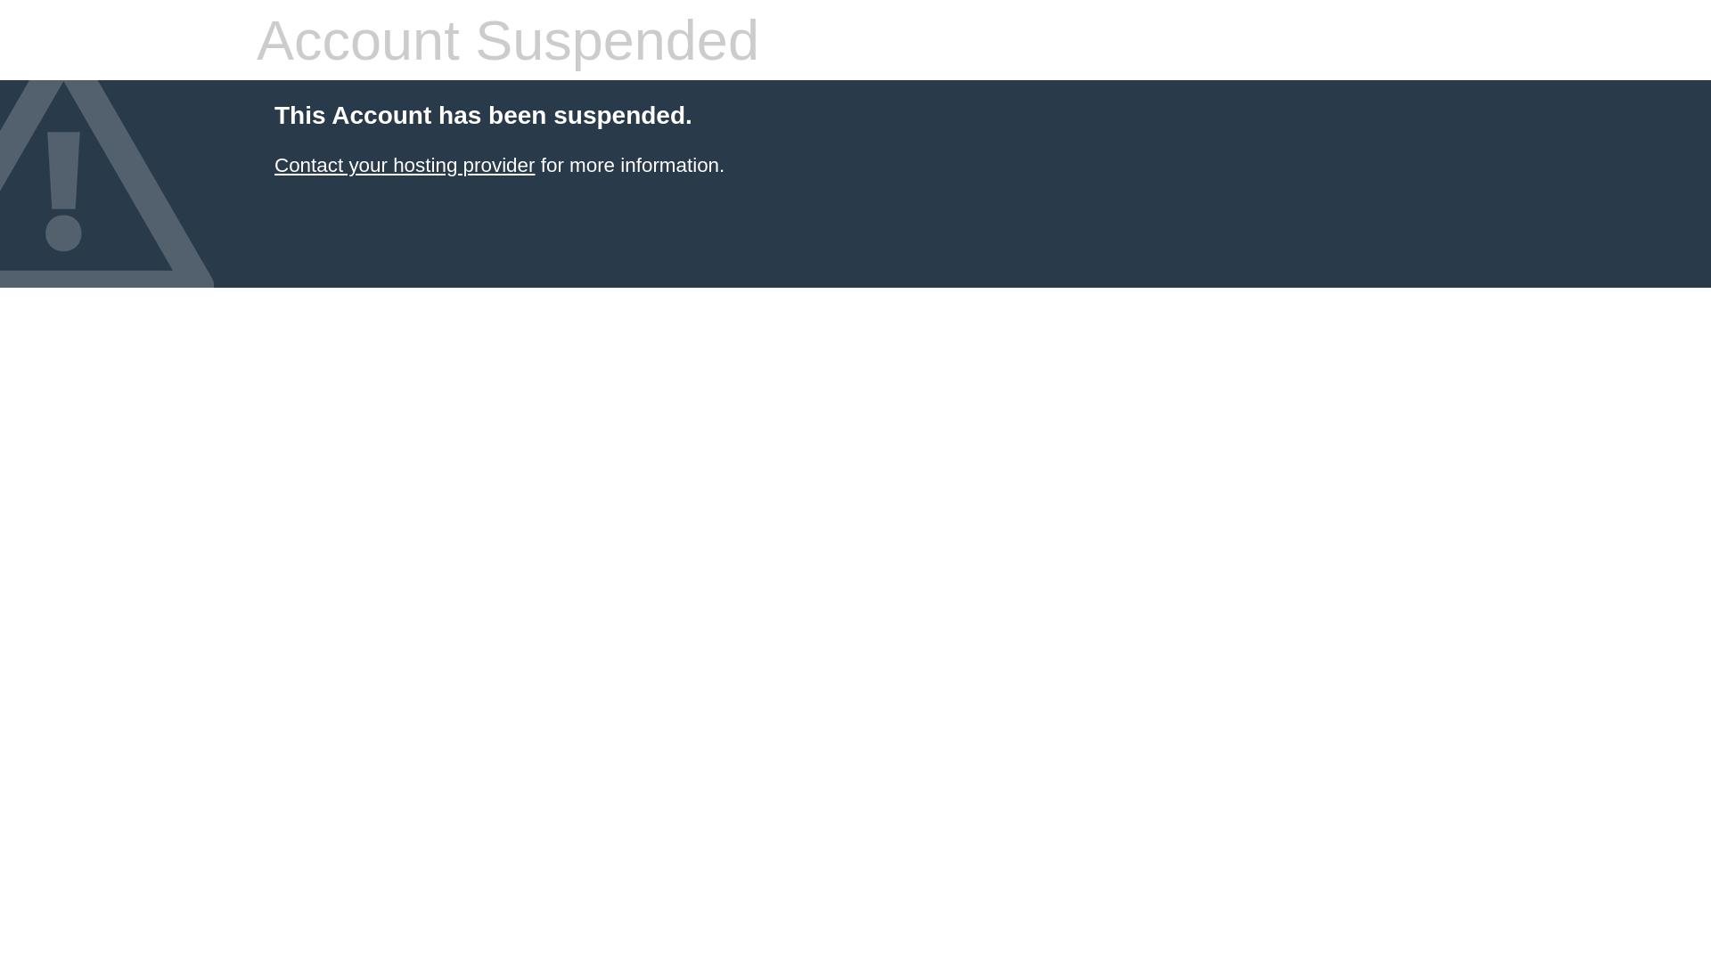 The image size is (1711, 962). Describe the element at coordinates (404, 165) in the screenshot. I see `'Contact your hosting provider'` at that location.